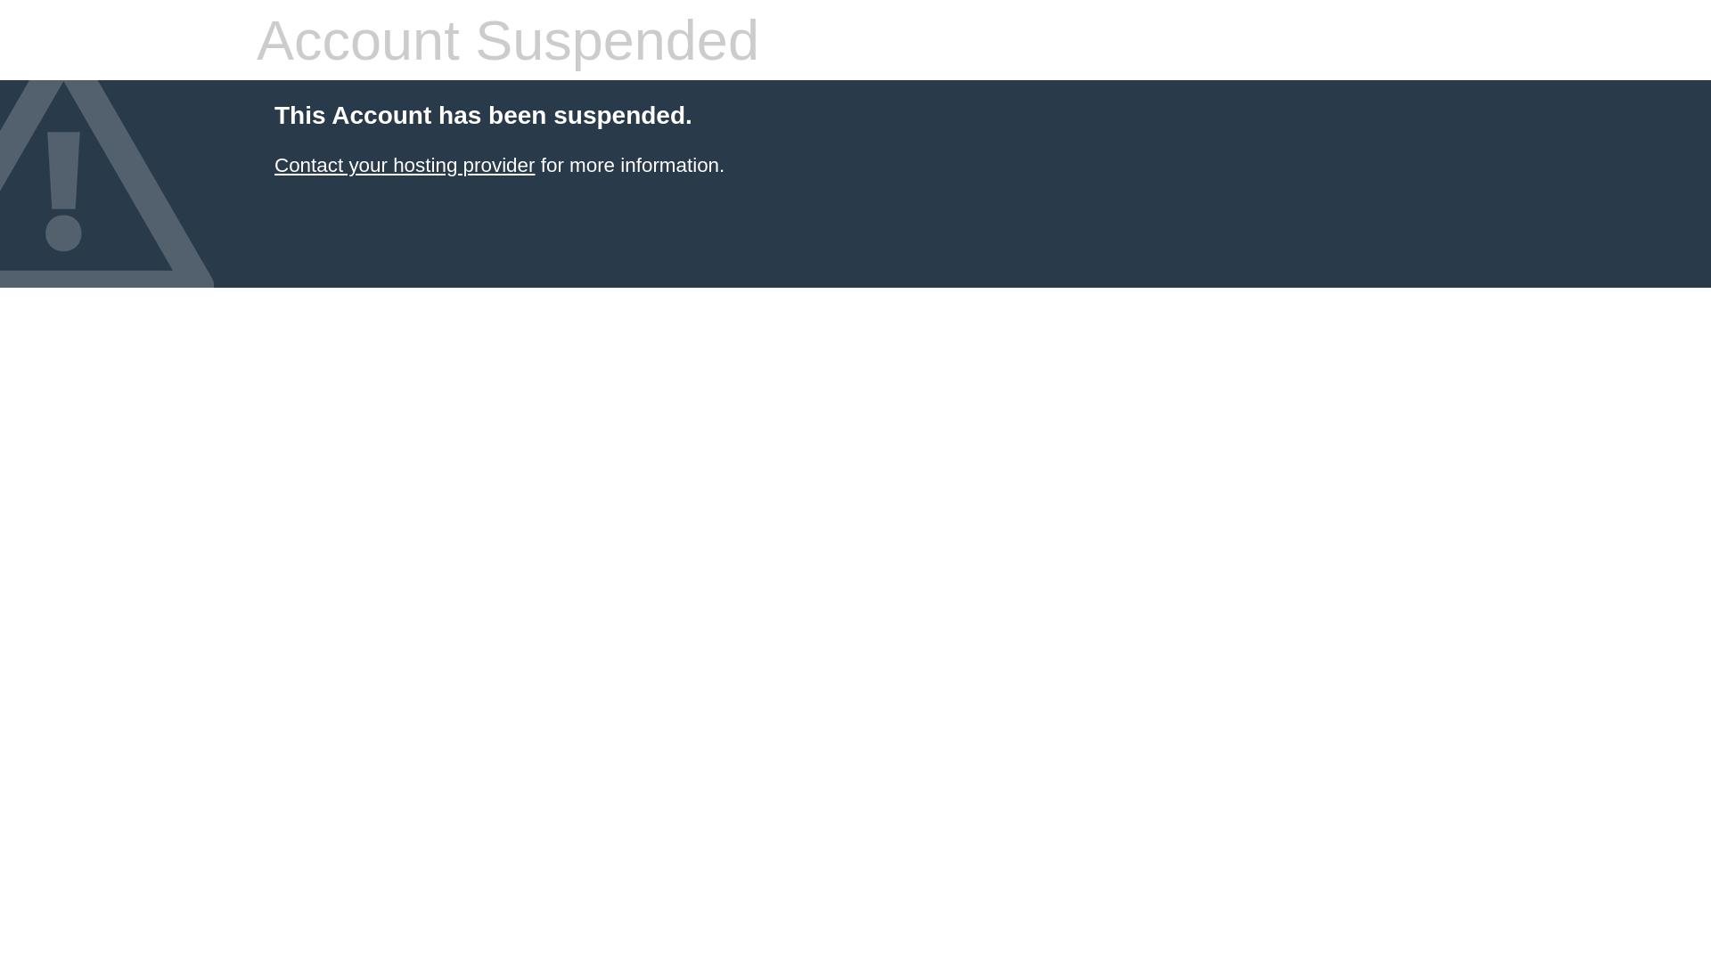 The image size is (1711, 962). Describe the element at coordinates (404, 165) in the screenshot. I see `'Contact your hosting provider'` at that location.